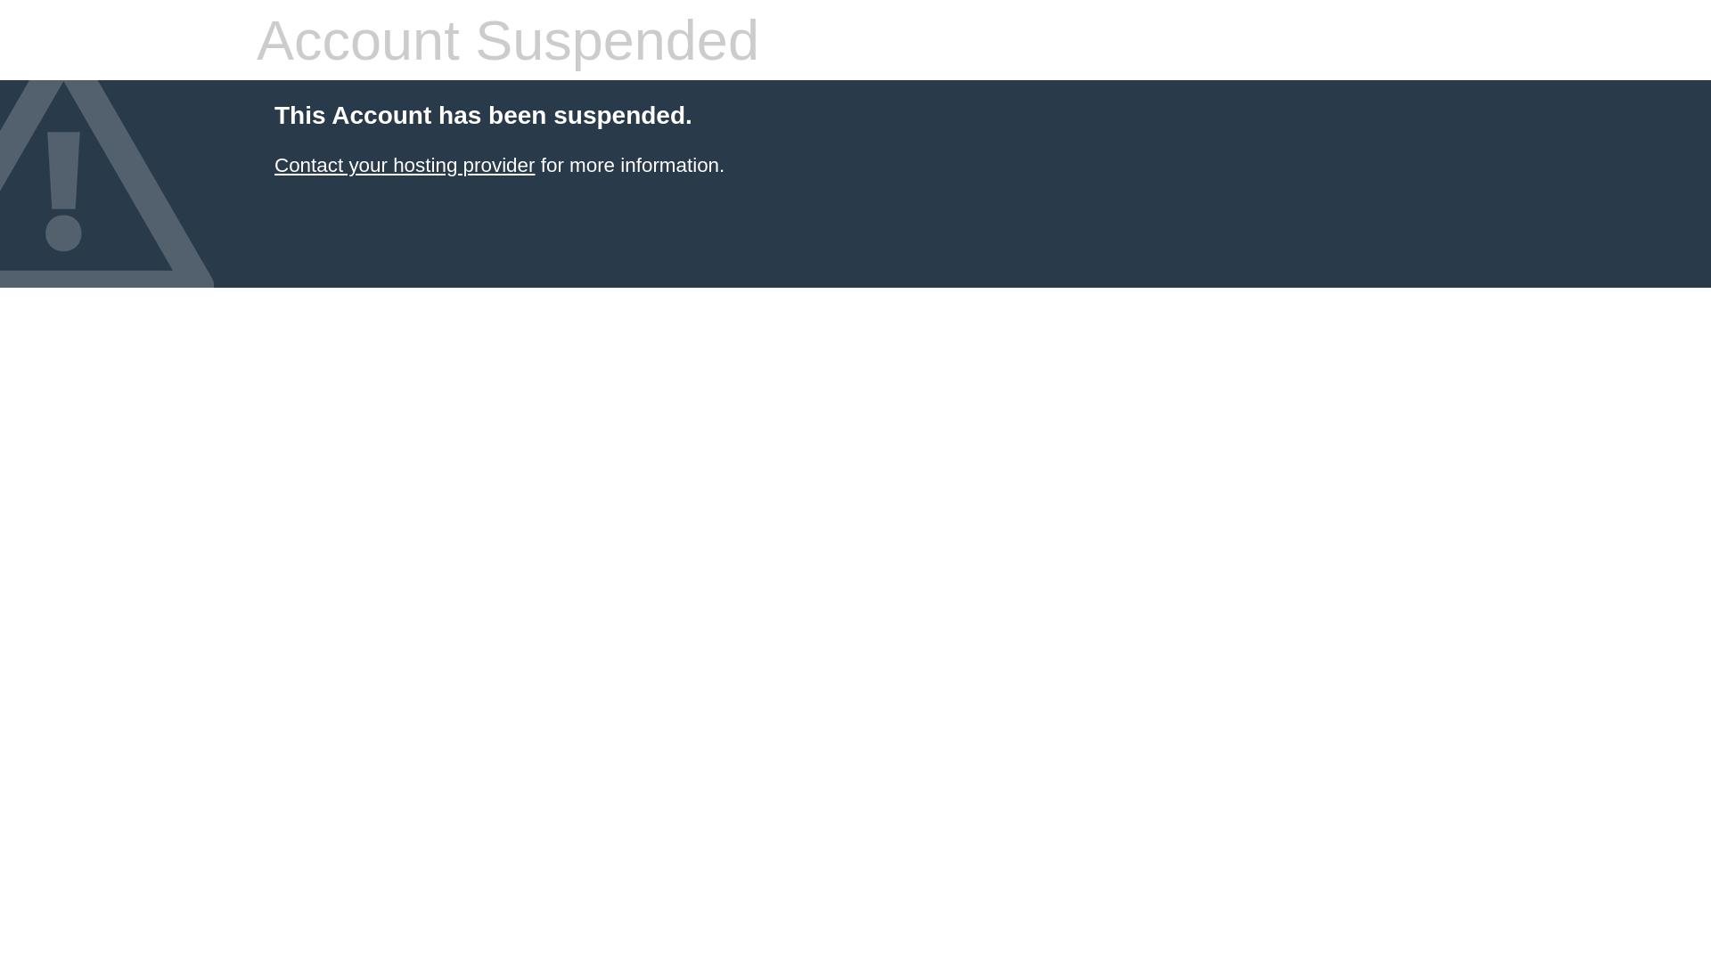 The image size is (1711, 962). Describe the element at coordinates (404, 165) in the screenshot. I see `'Contact your hosting provider'` at that location.